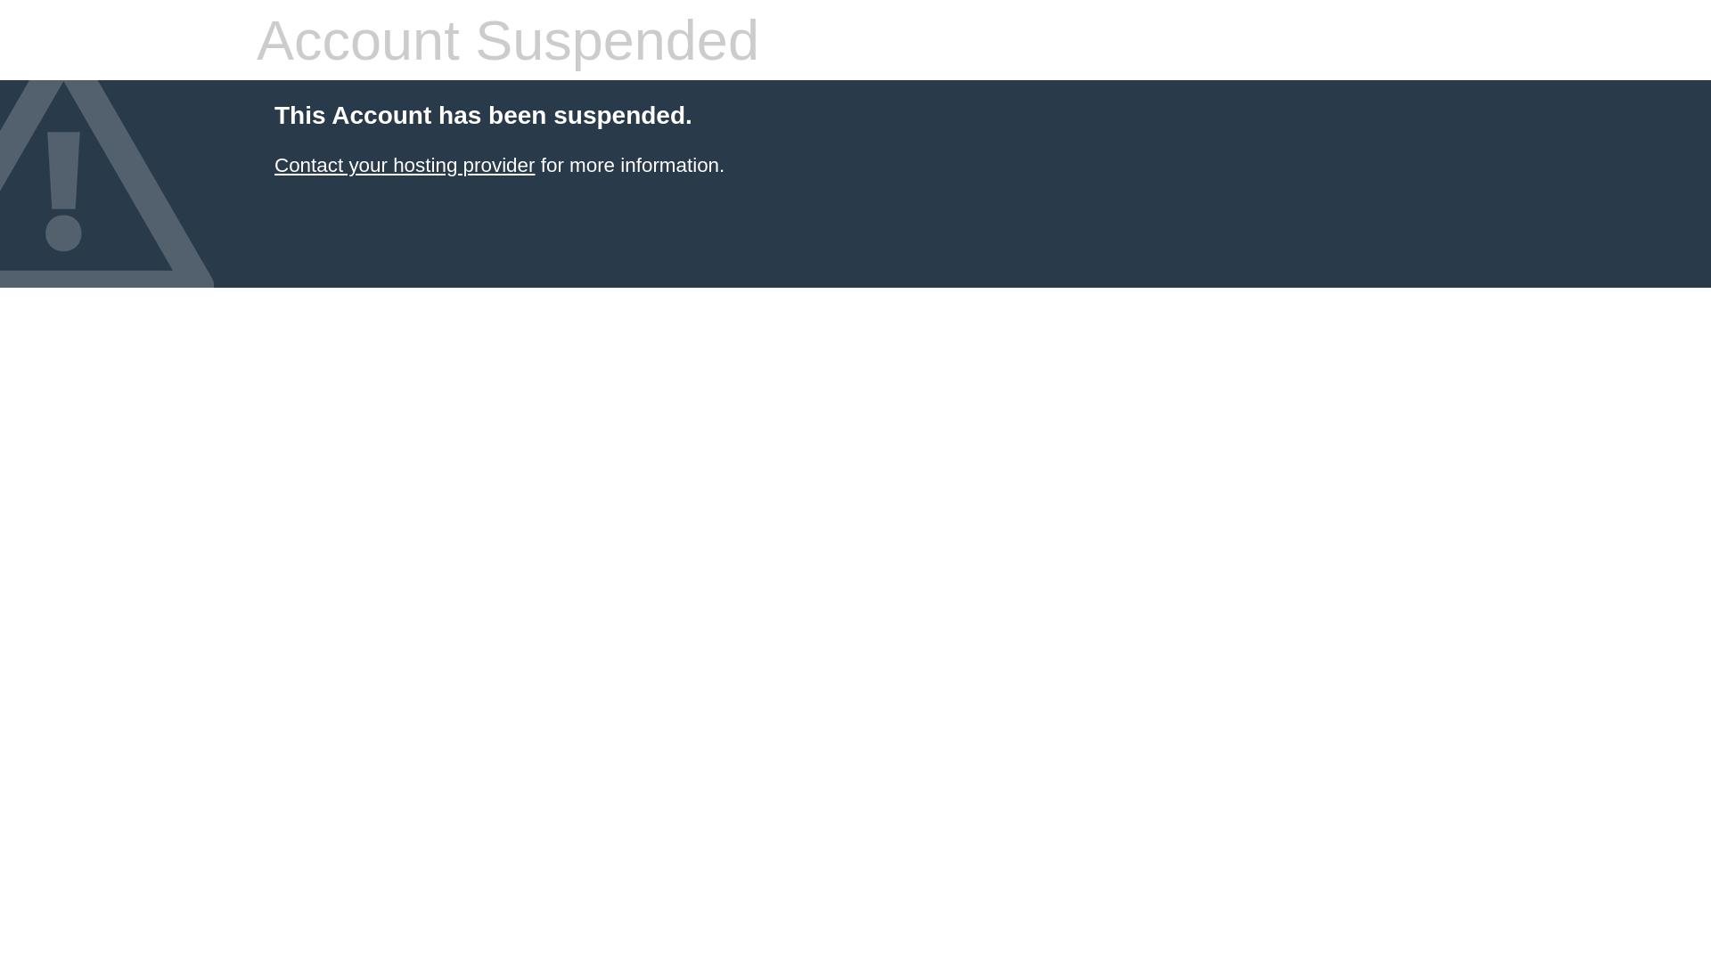 The image size is (1711, 962). Describe the element at coordinates (404, 165) in the screenshot. I see `'Contact your hosting provider'` at that location.